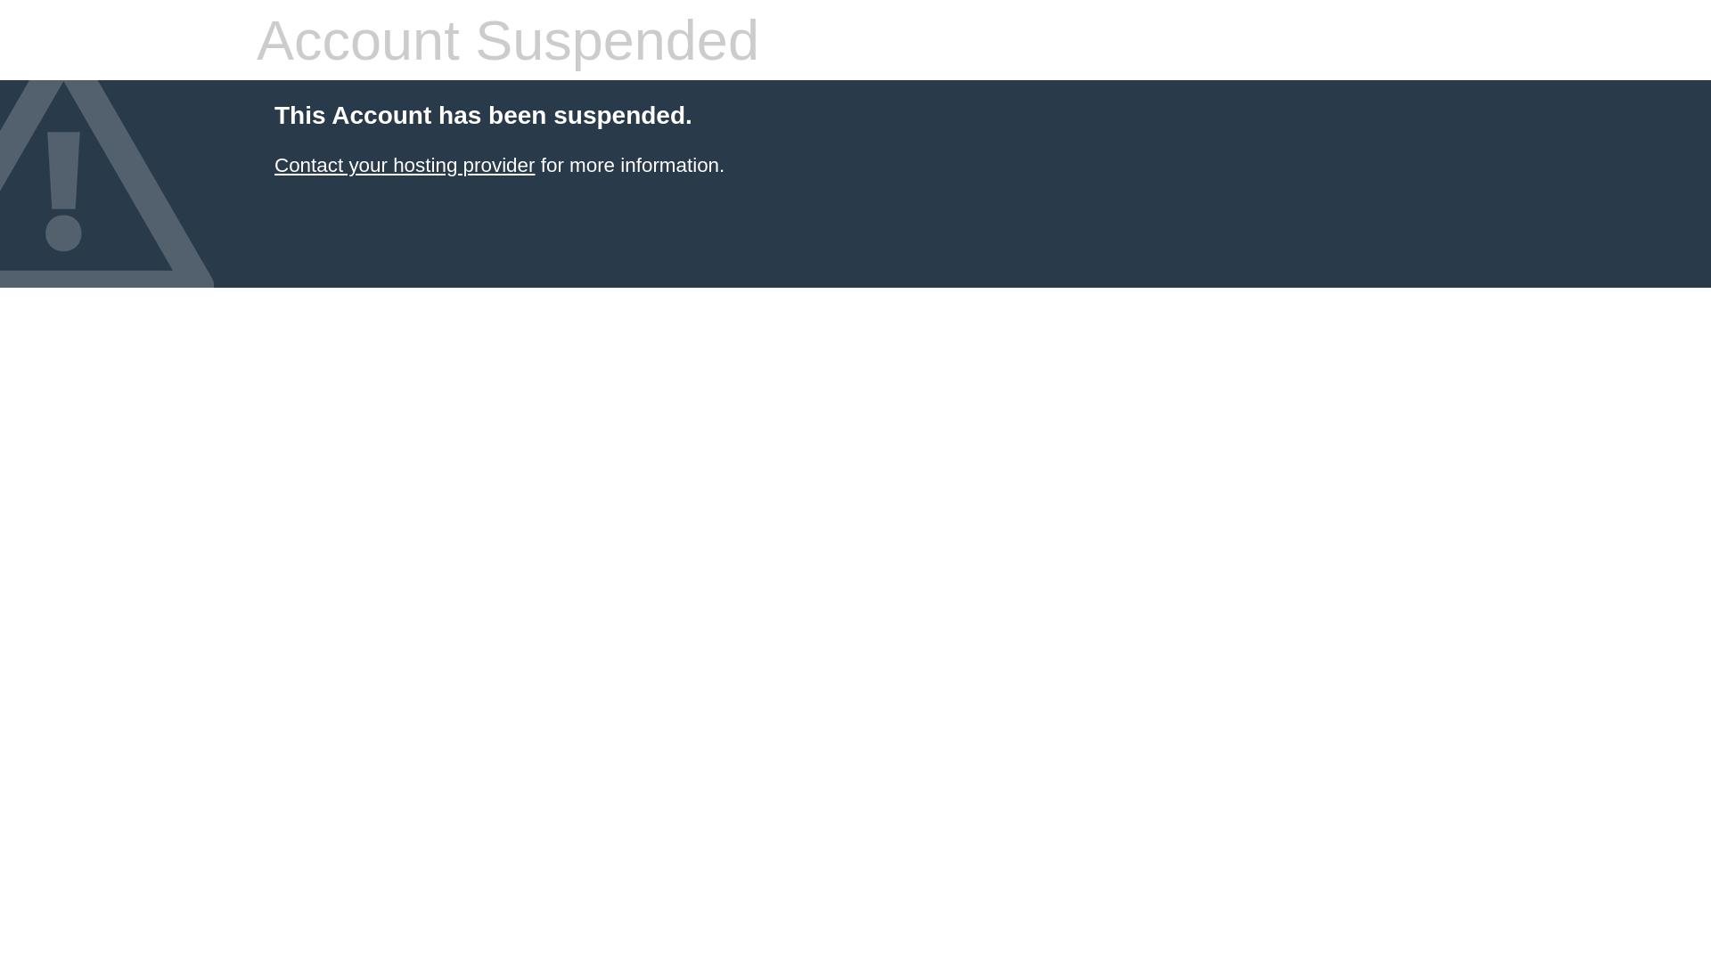 The image size is (1711, 962). Describe the element at coordinates (404, 165) in the screenshot. I see `'Contact your hosting provider'` at that location.